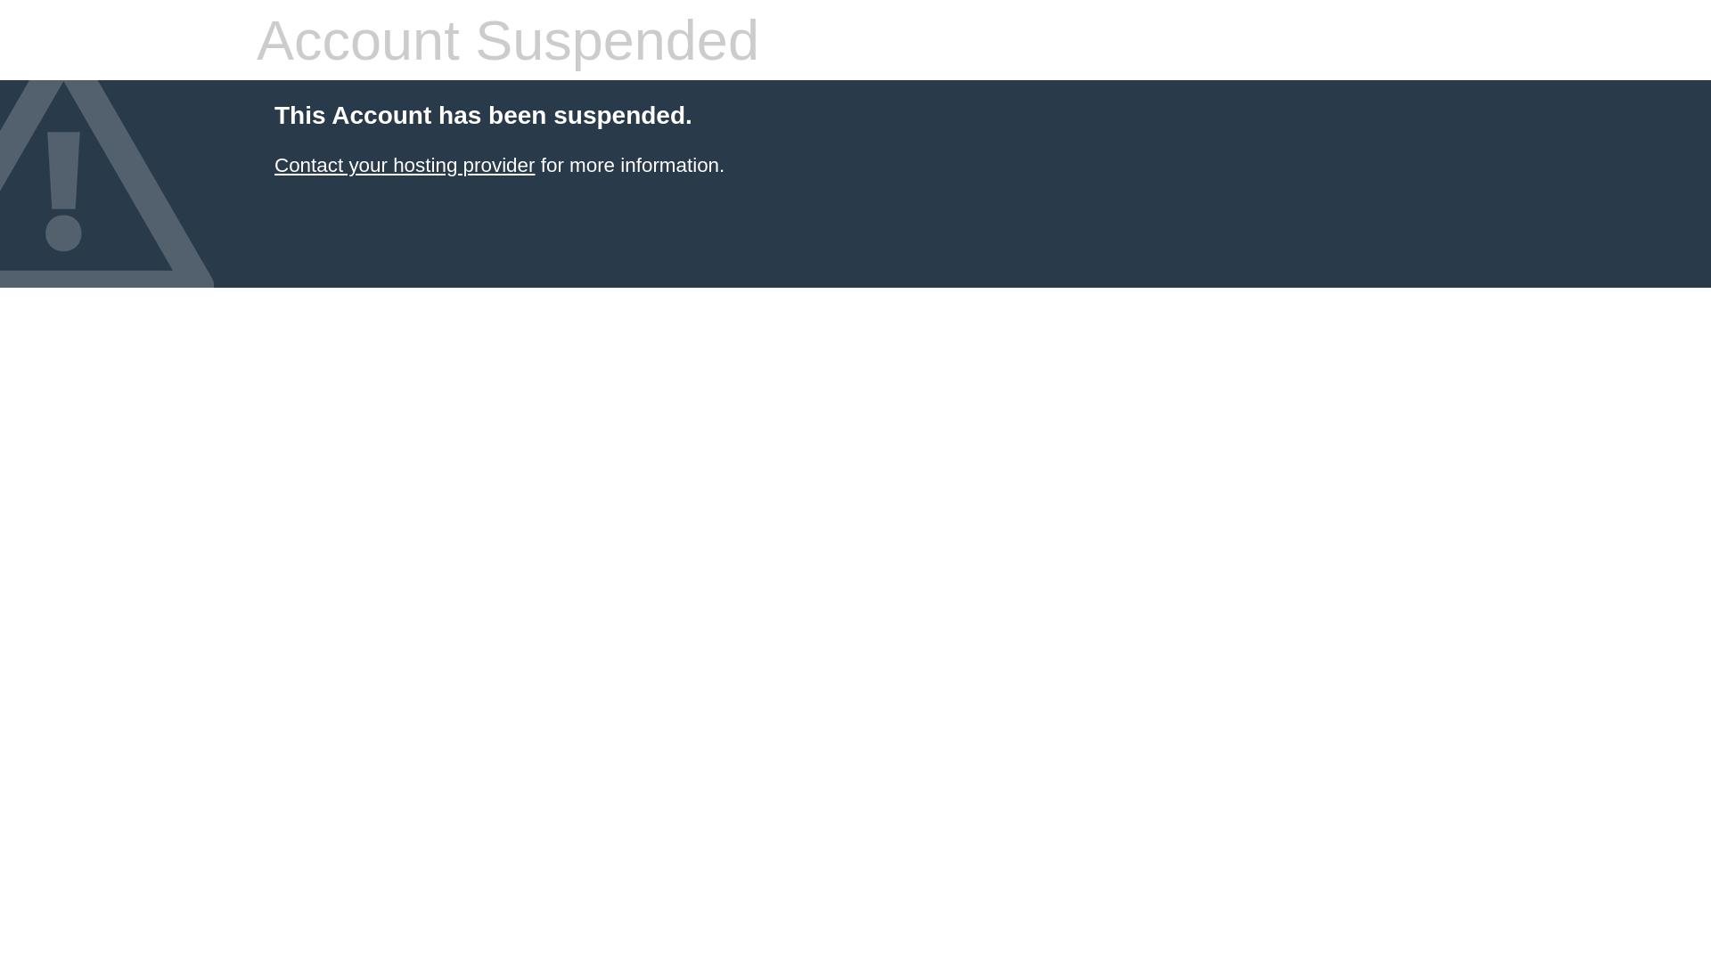 The image size is (1711, 962). Describe the element at coordinates (404, 165) in the screenshot. I see `'Contact your hosting provider'` at that location.